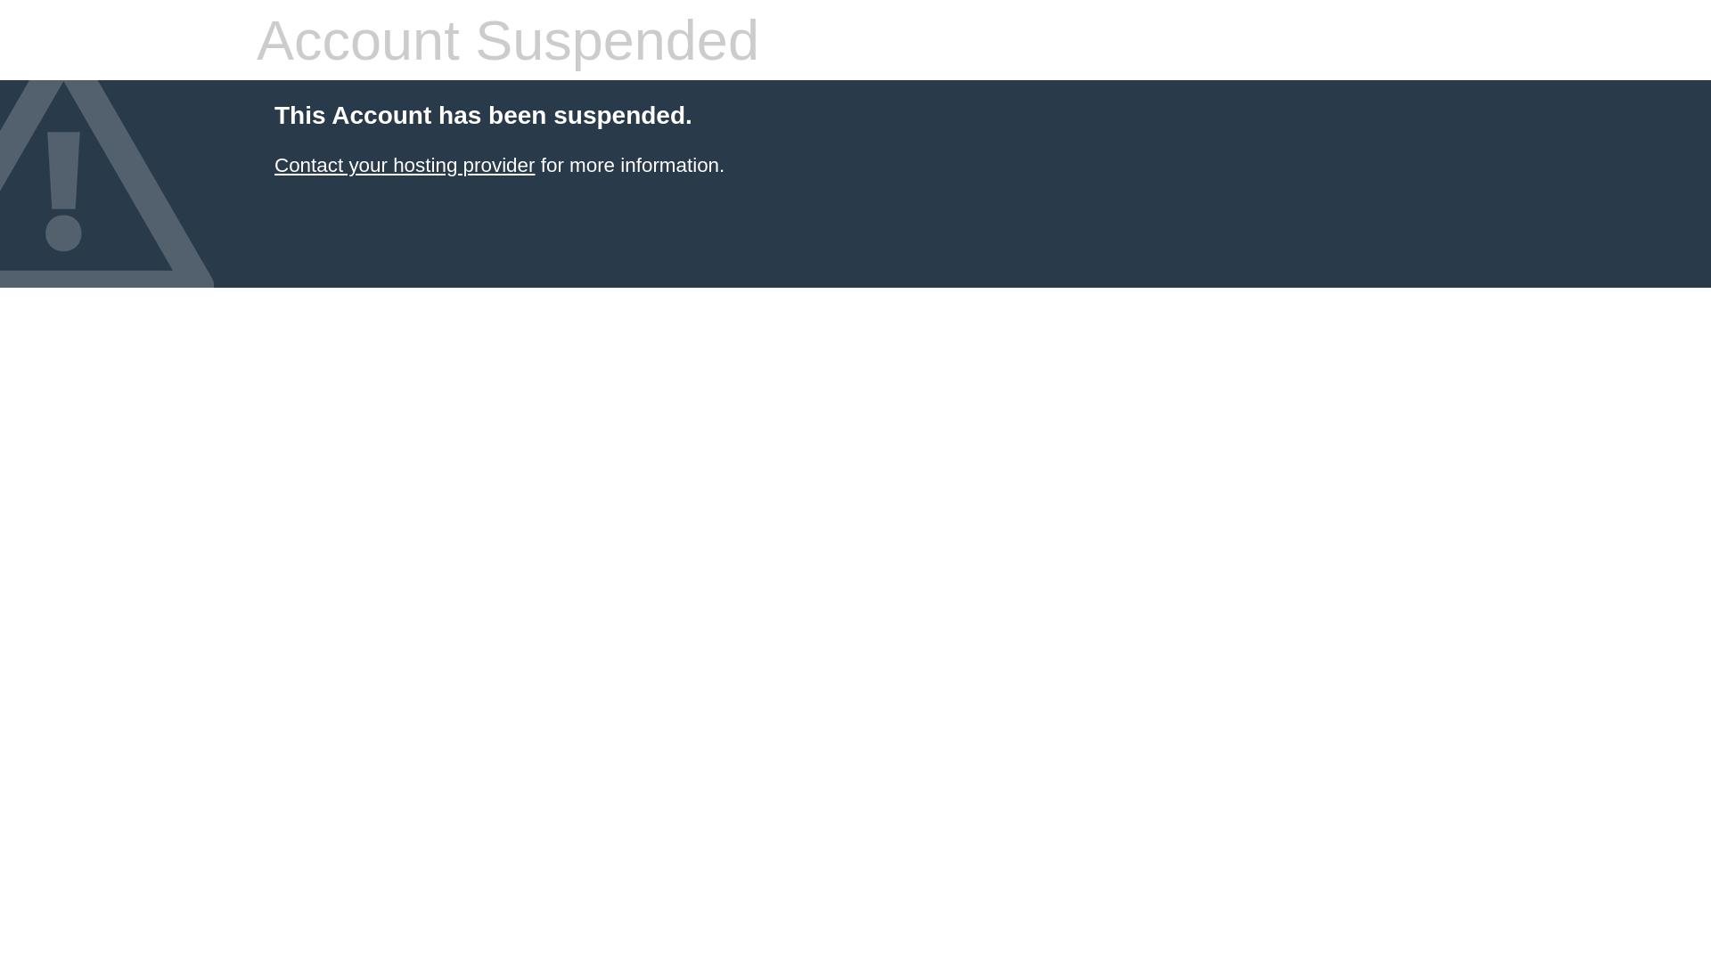 The image size is (1711, 962). Describe the element at coordinates (404, 165) in the screenshot. I see `'Contact your hosting provider'` at that location.